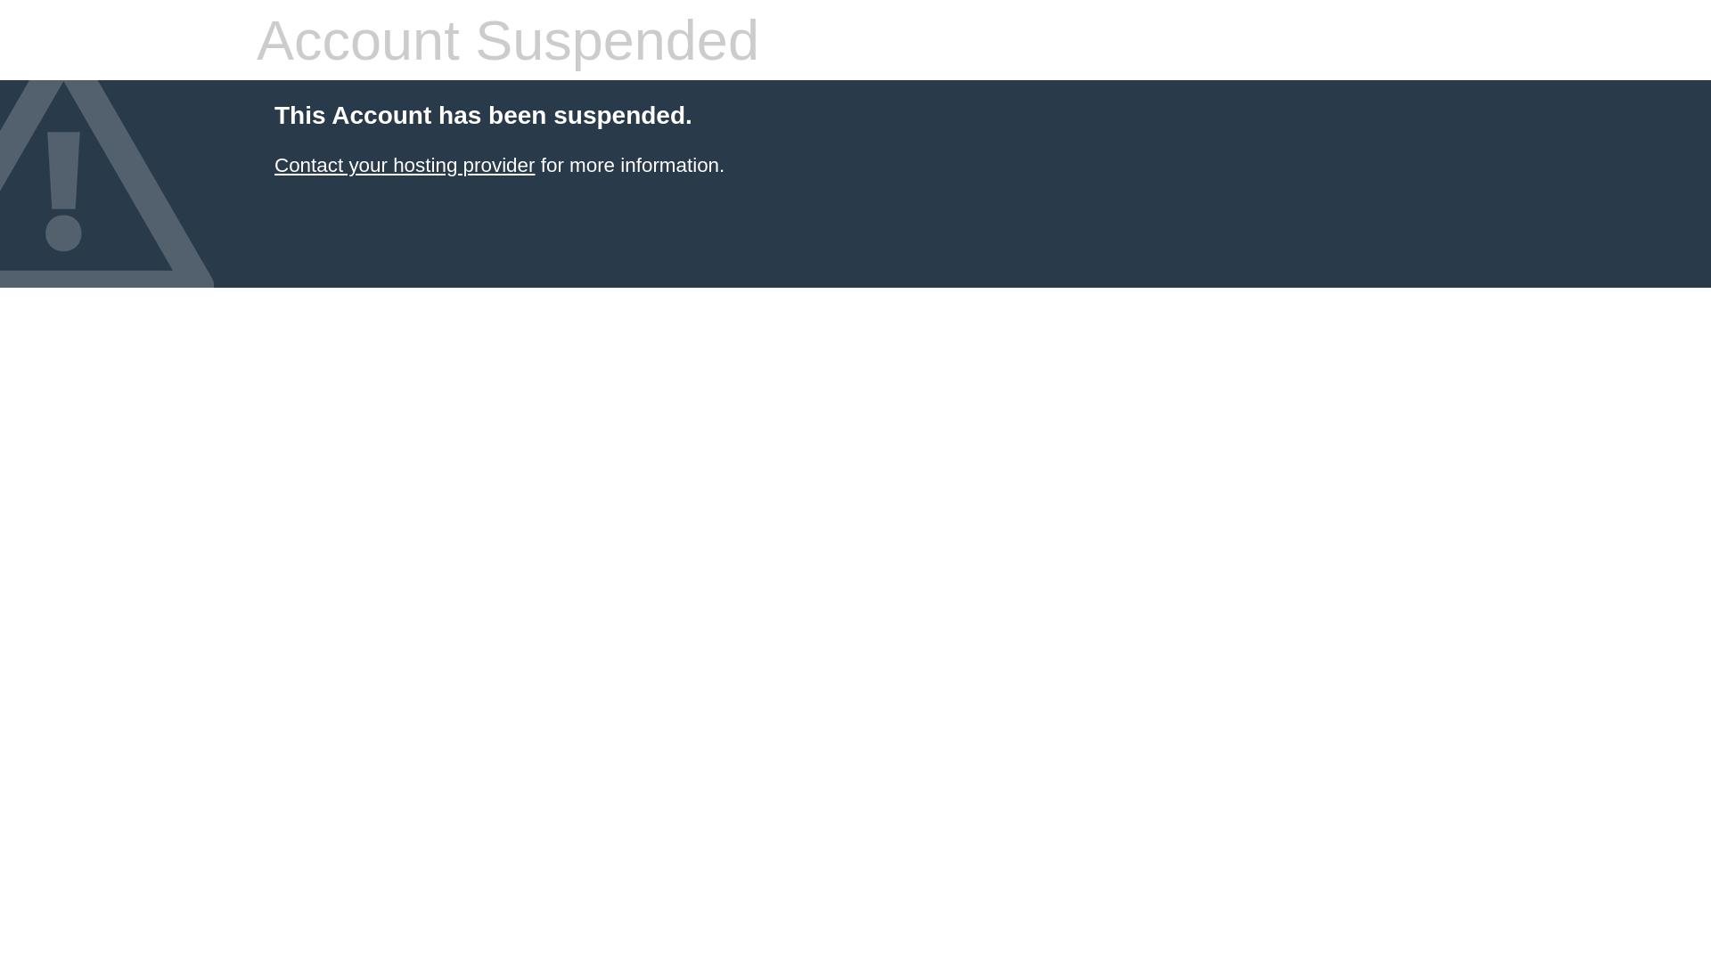 The image size is (1711, 962). Describe the element at coordinates (404, 165) in the screenshot. I see `'Contact your hosting provider'` at that location.